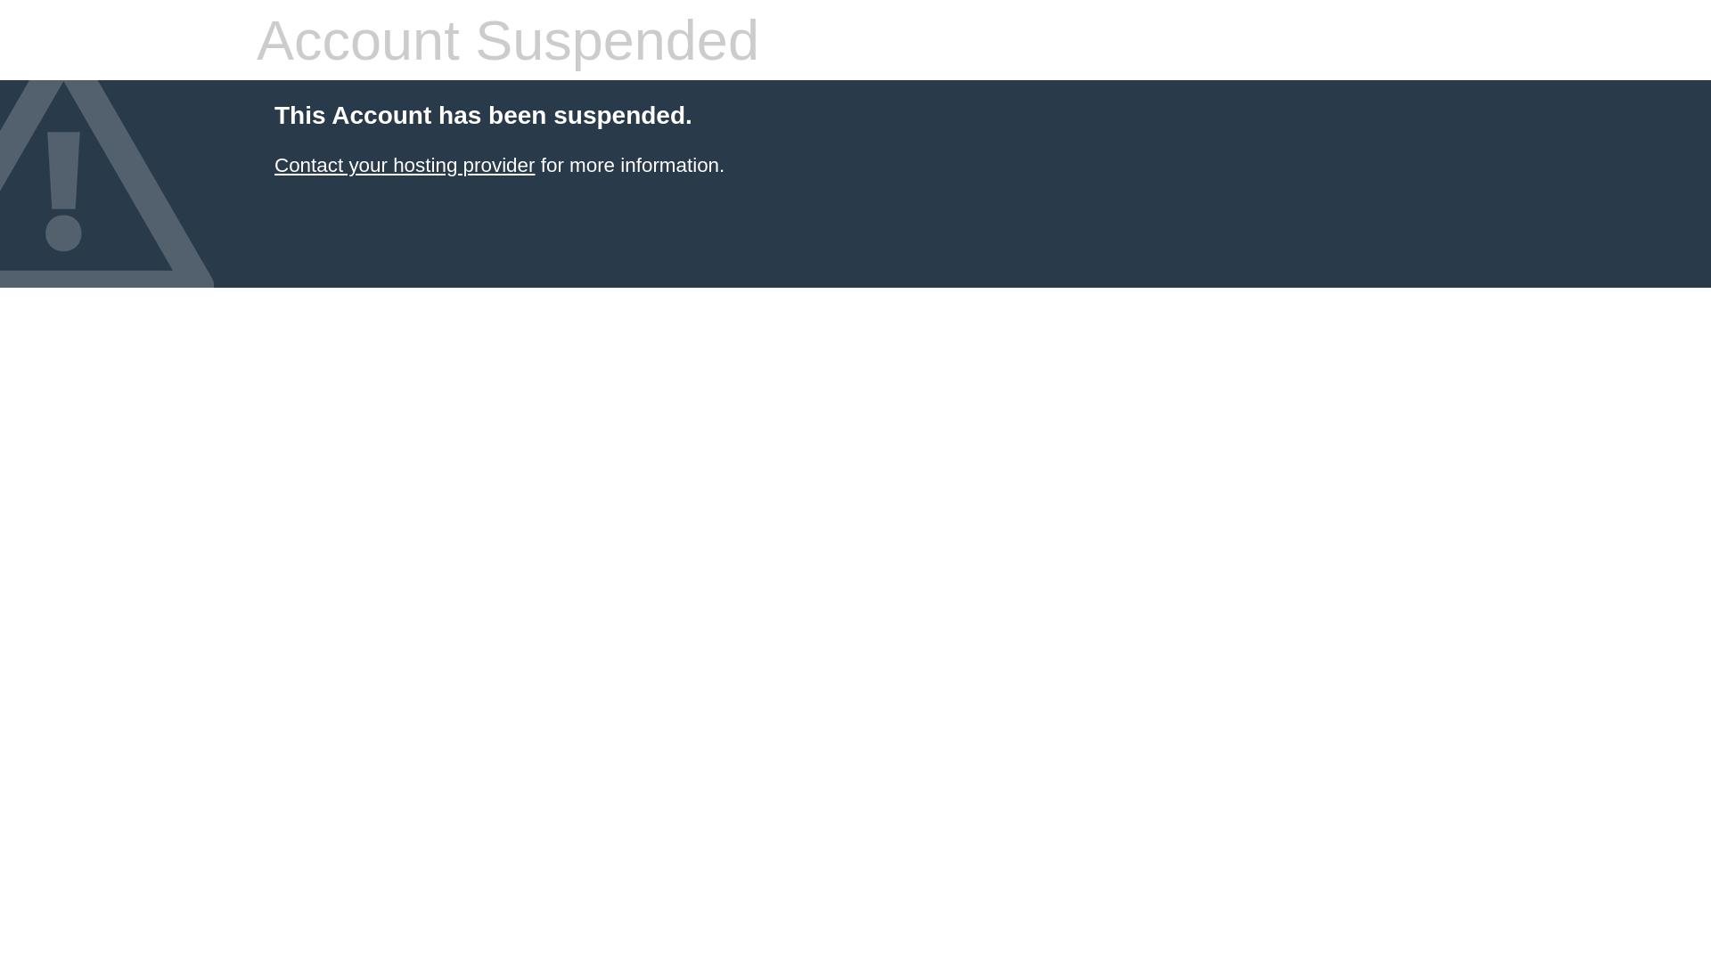 The image size is (1711, 962). Describe the element at coordinates (404, 165) in the screenshot. I see `'Contact your hosting provider'` at that location.